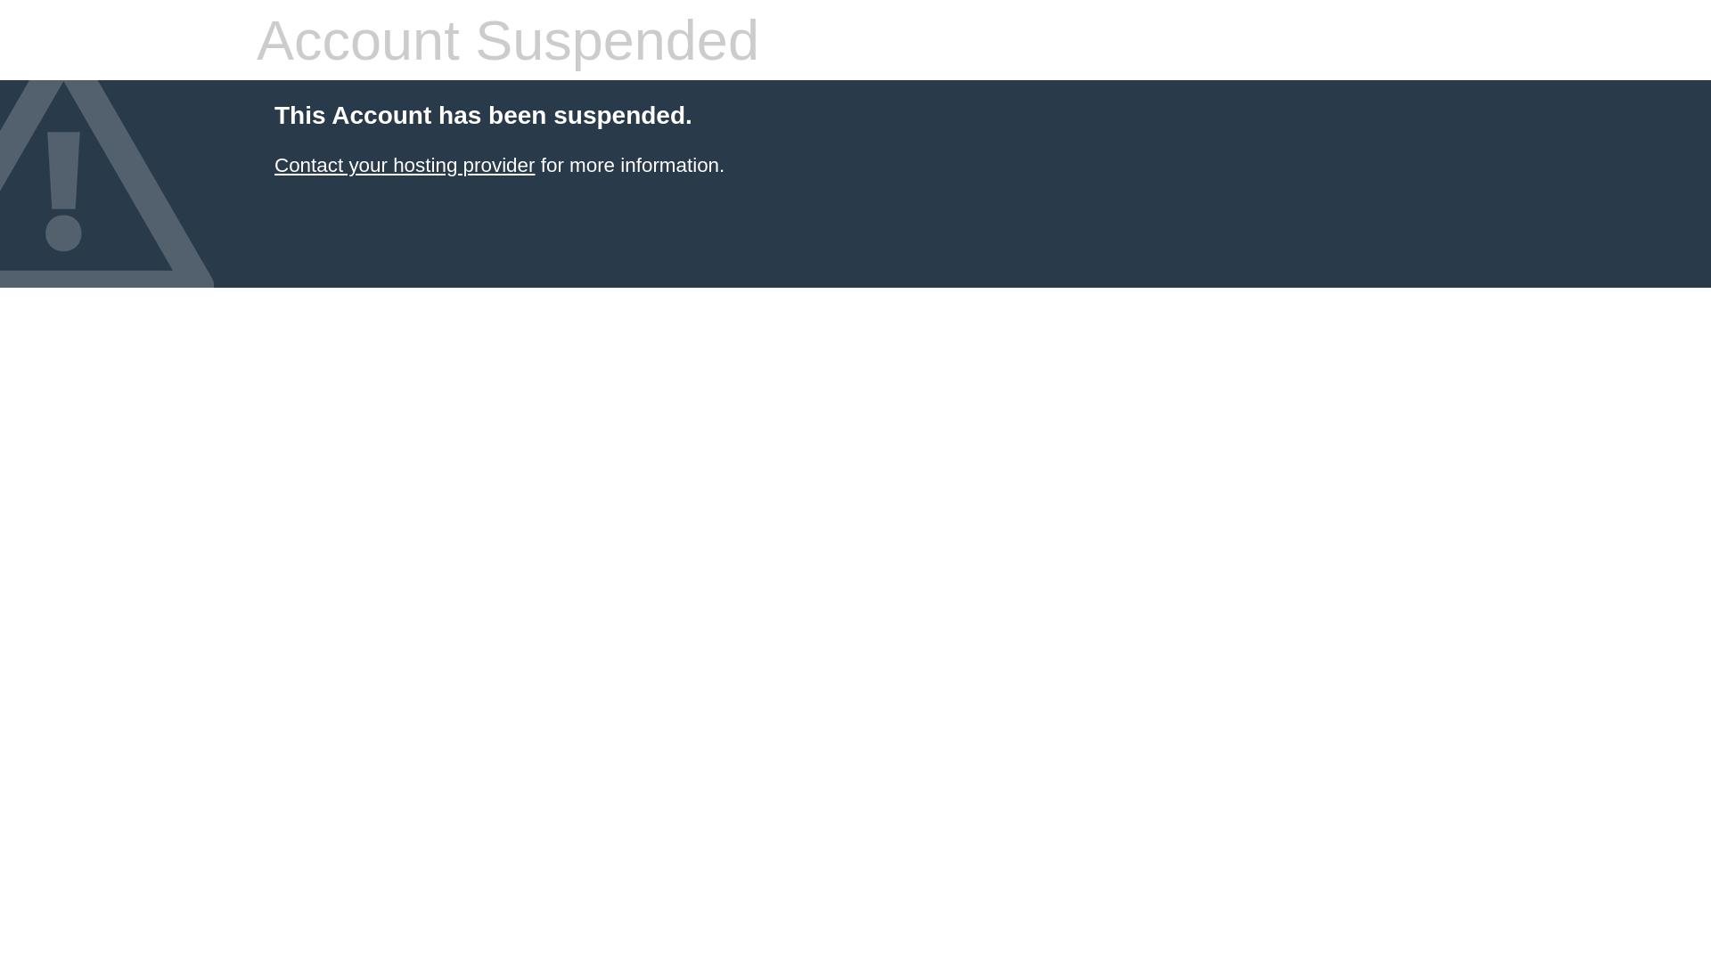 The image size is (1711, 962). Describe the element at coordinates (404, 165) in the screenshot. I see `'Contact your hosting provider'` at that location.